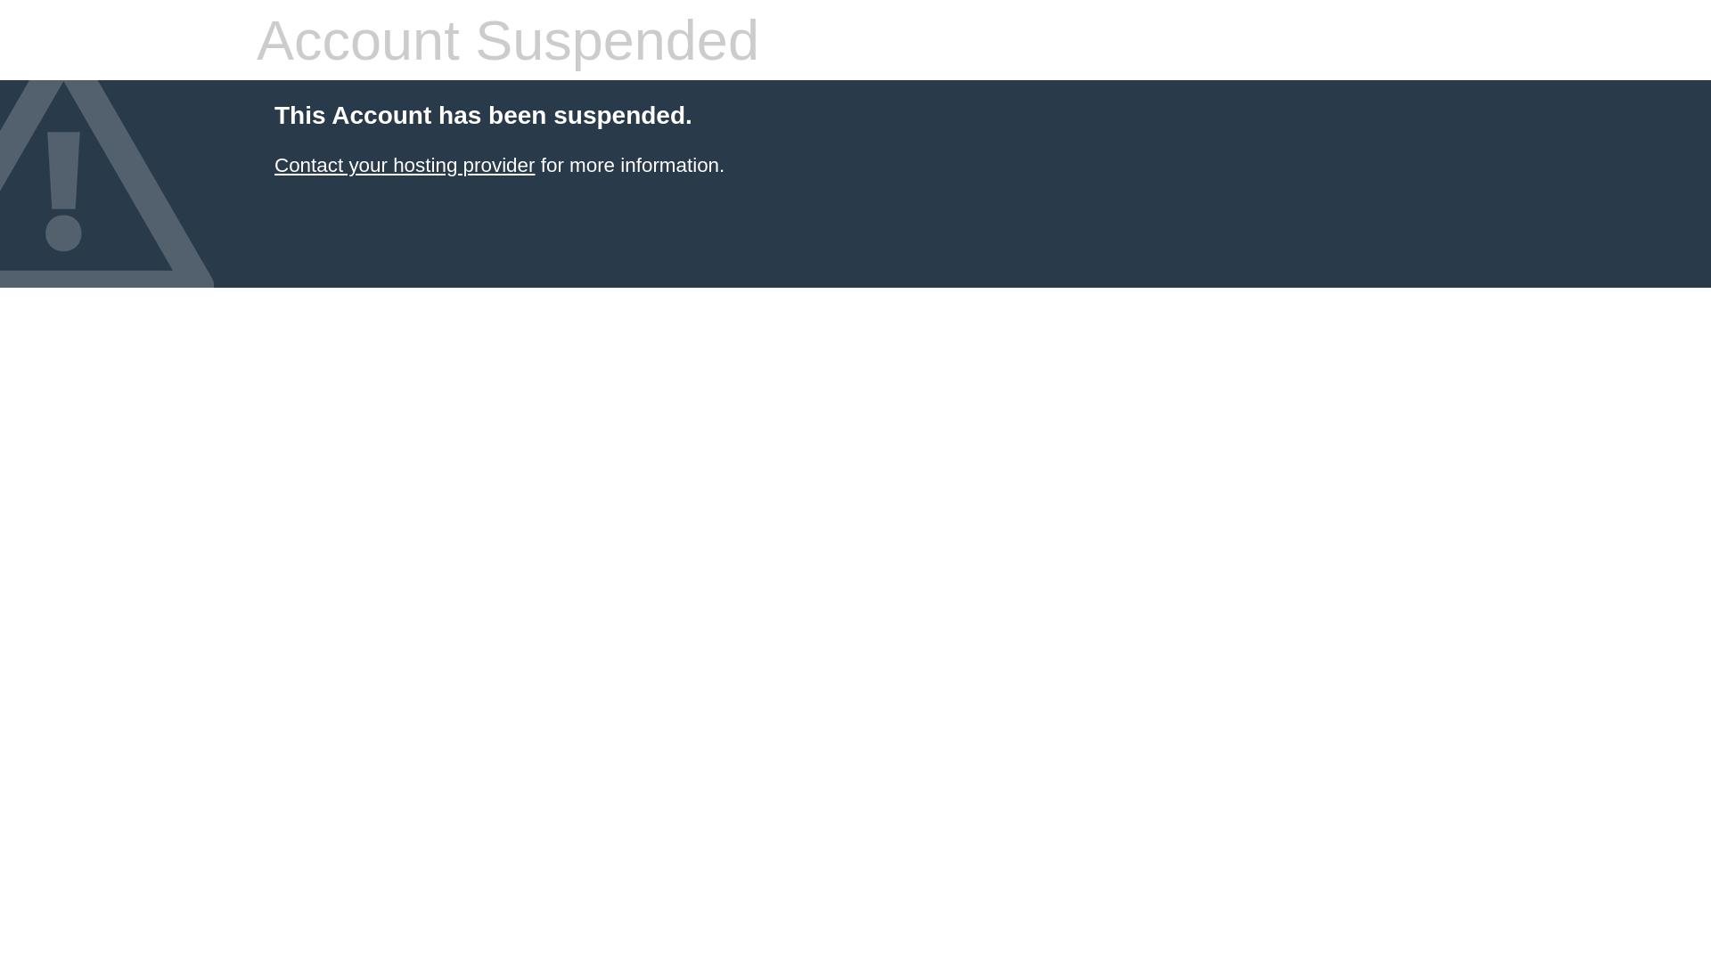 The image size is (1711, 962). Describe the element at coordinates (404, 165) in the screenshot. I see `'Contact your hosting provider'` at that location.